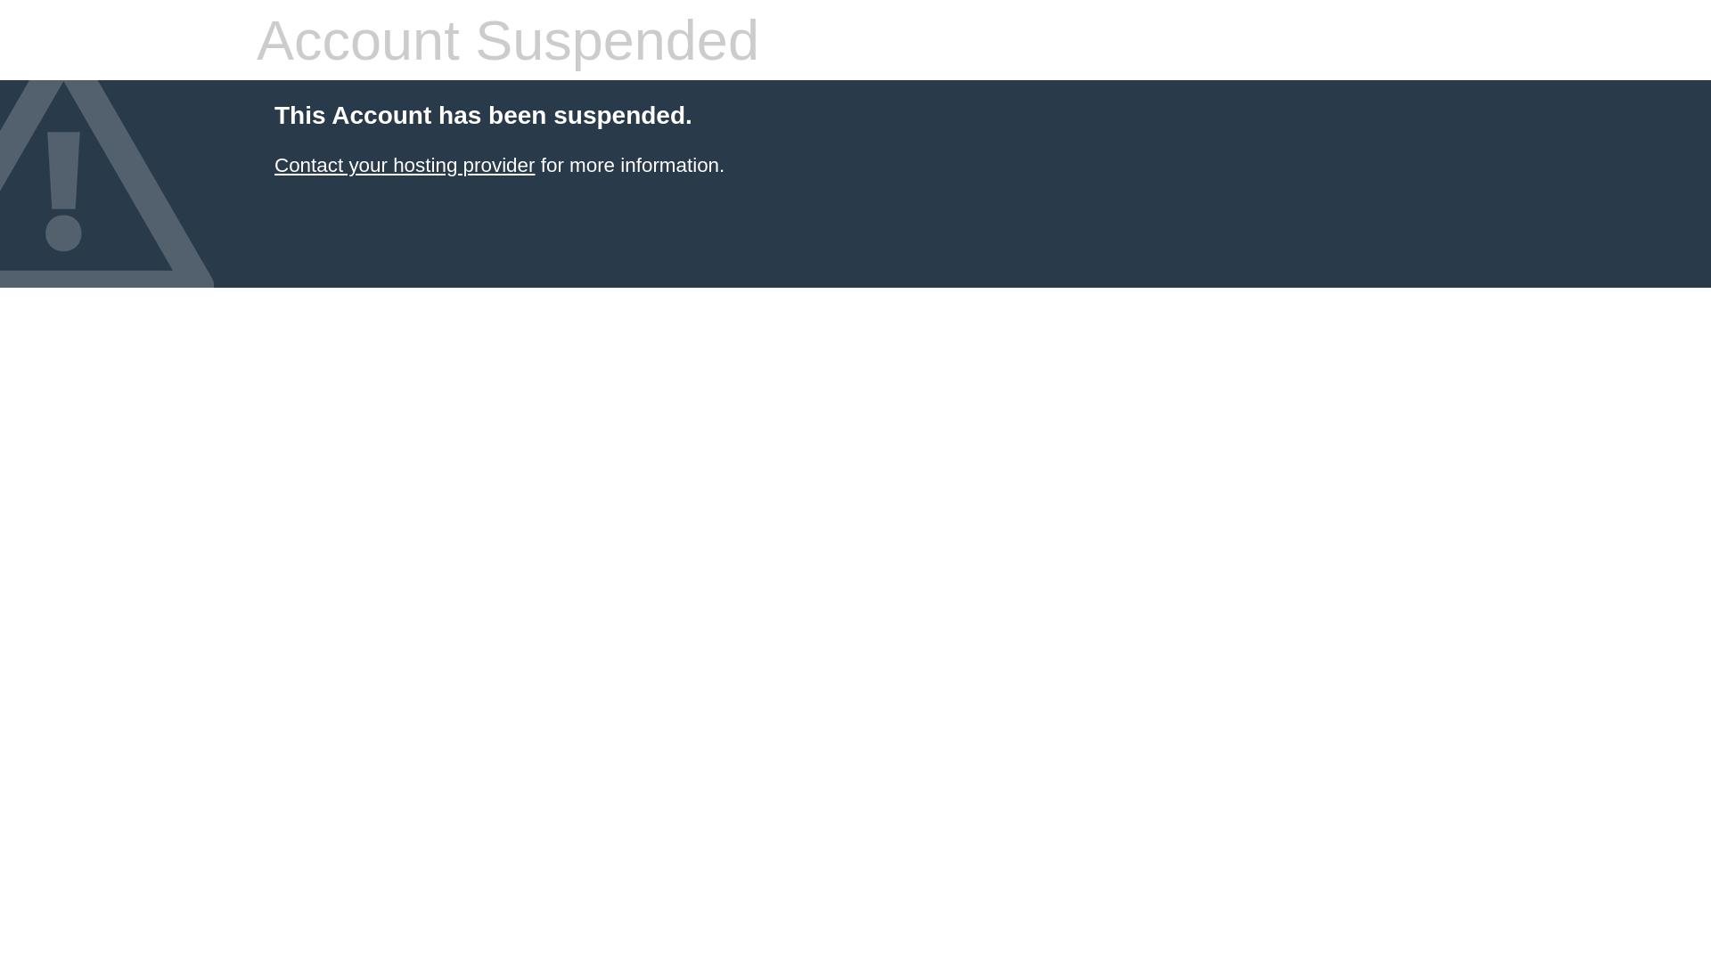 The image size is (1711, 962). Describe the element at coordinates (404, 165) in the screenshot. I see `'Contact your hosting provider'` at that location.